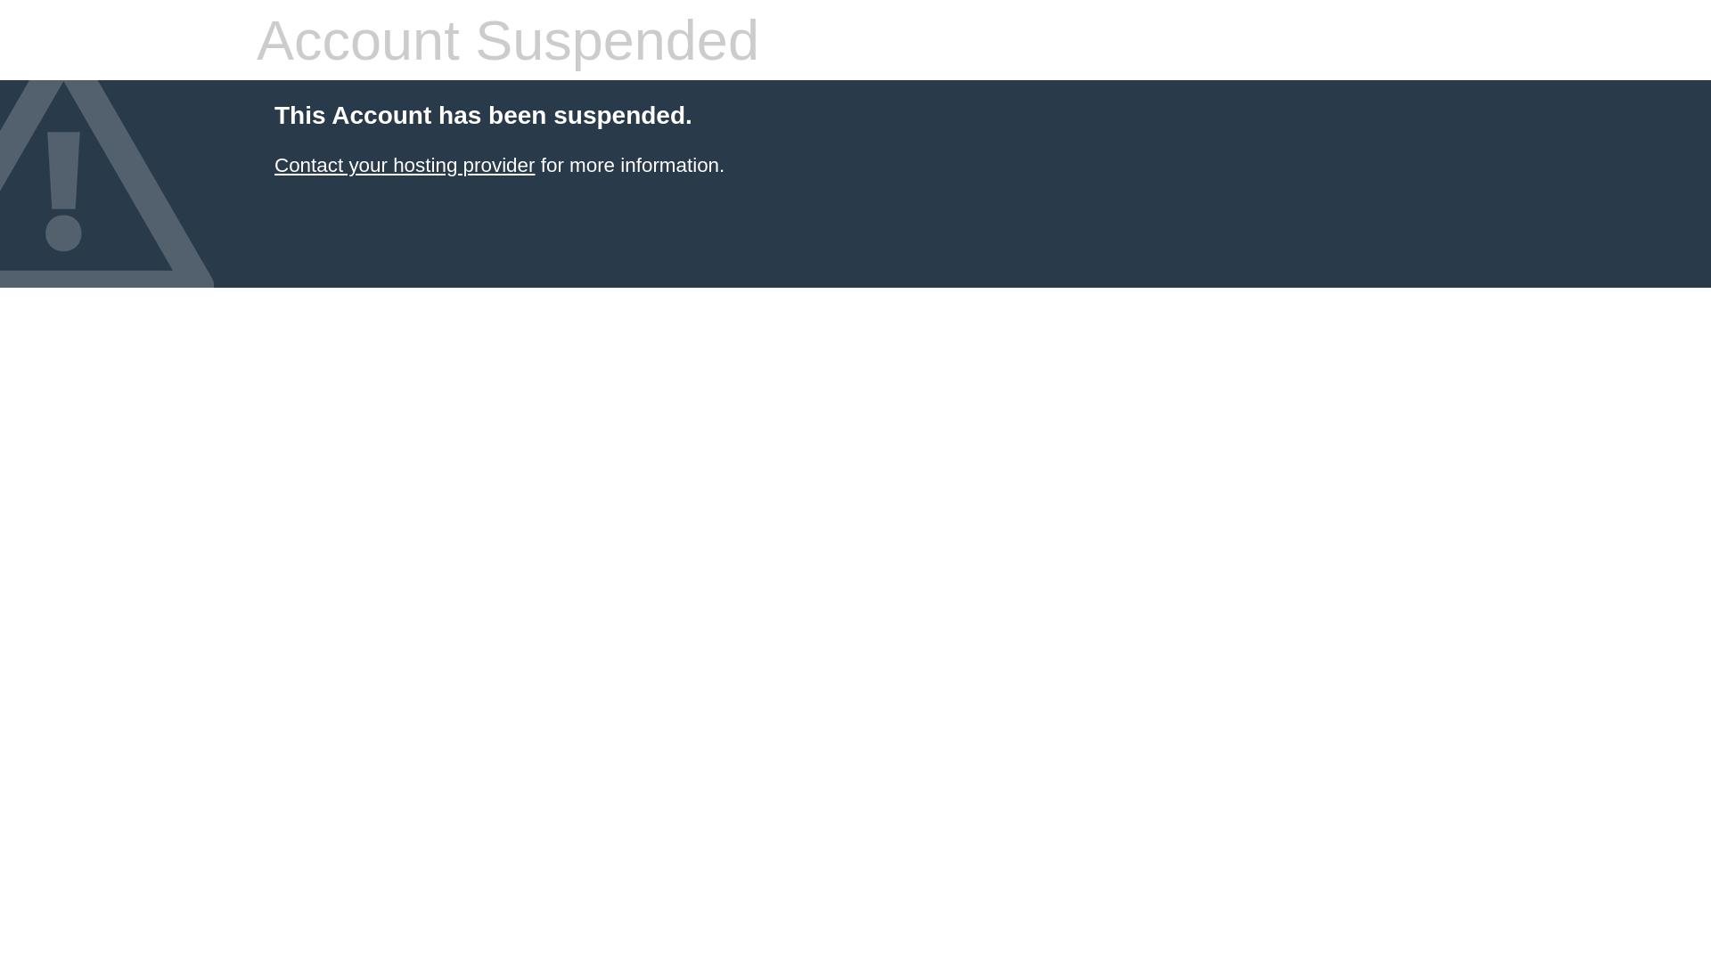 The image size is (1711, 962). Describe the element at coordinates (404, 165) in the screenshot. I see `'Contact your hosting provider'` at that location.